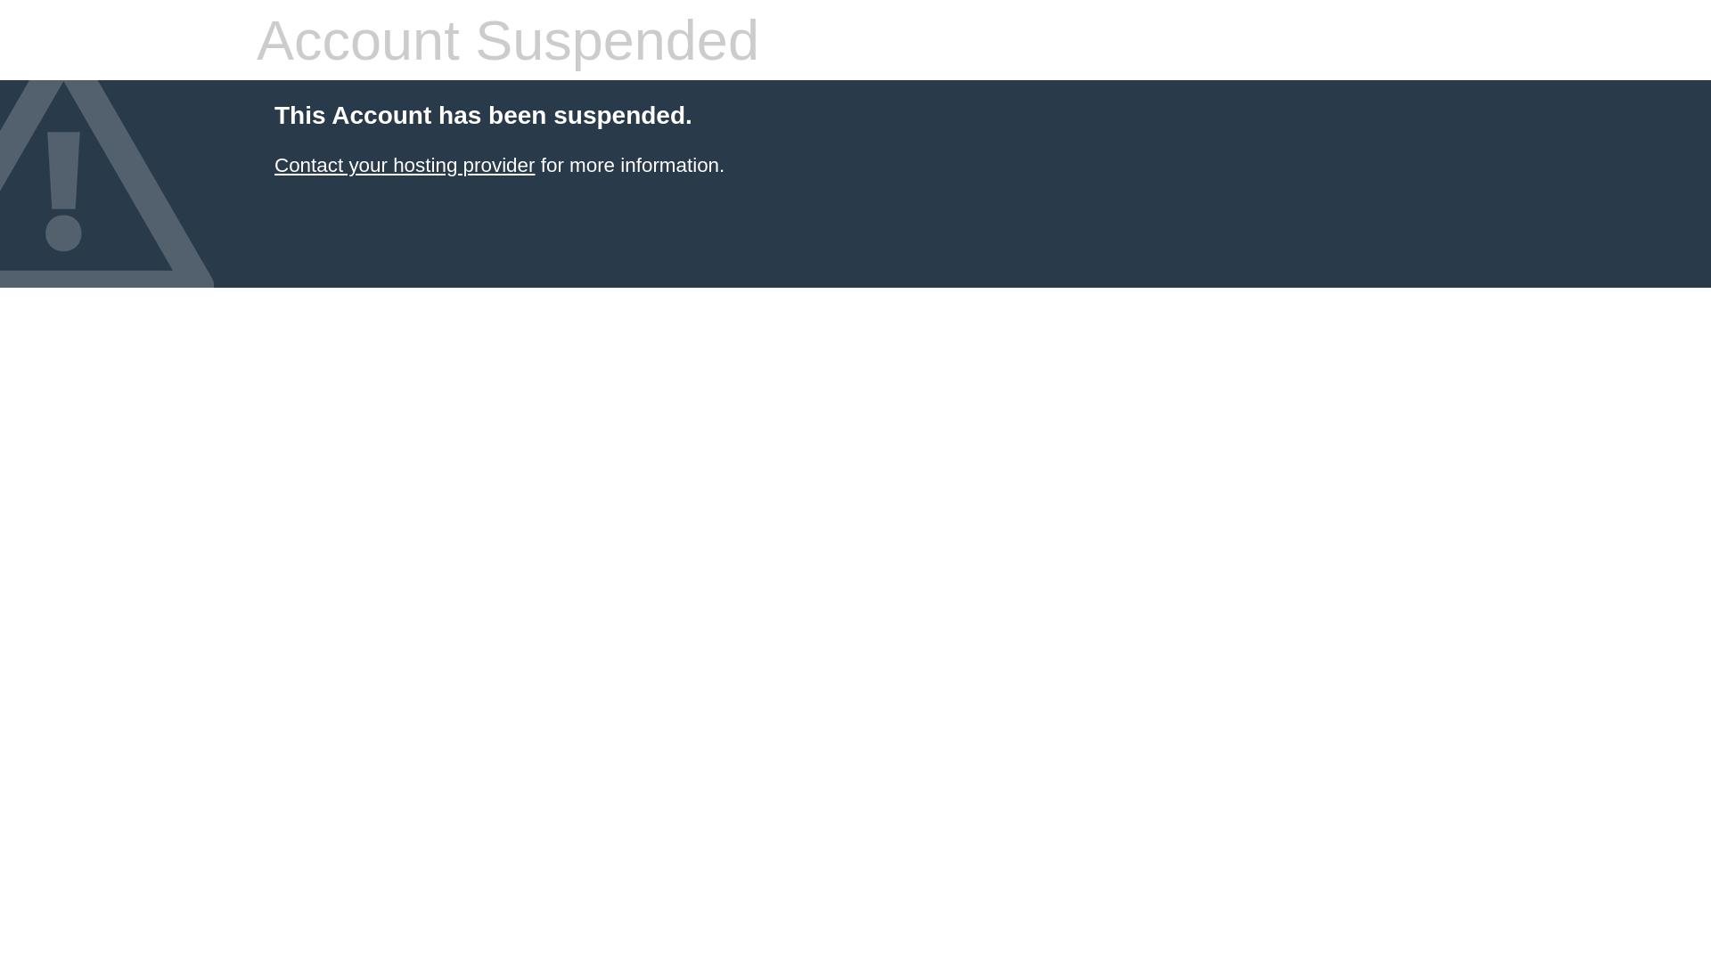 The image size is (1711, 962). Describe the element at coordinates (404, 165) in the screenshot. I see `'Contact your hosting provider'` at that location.